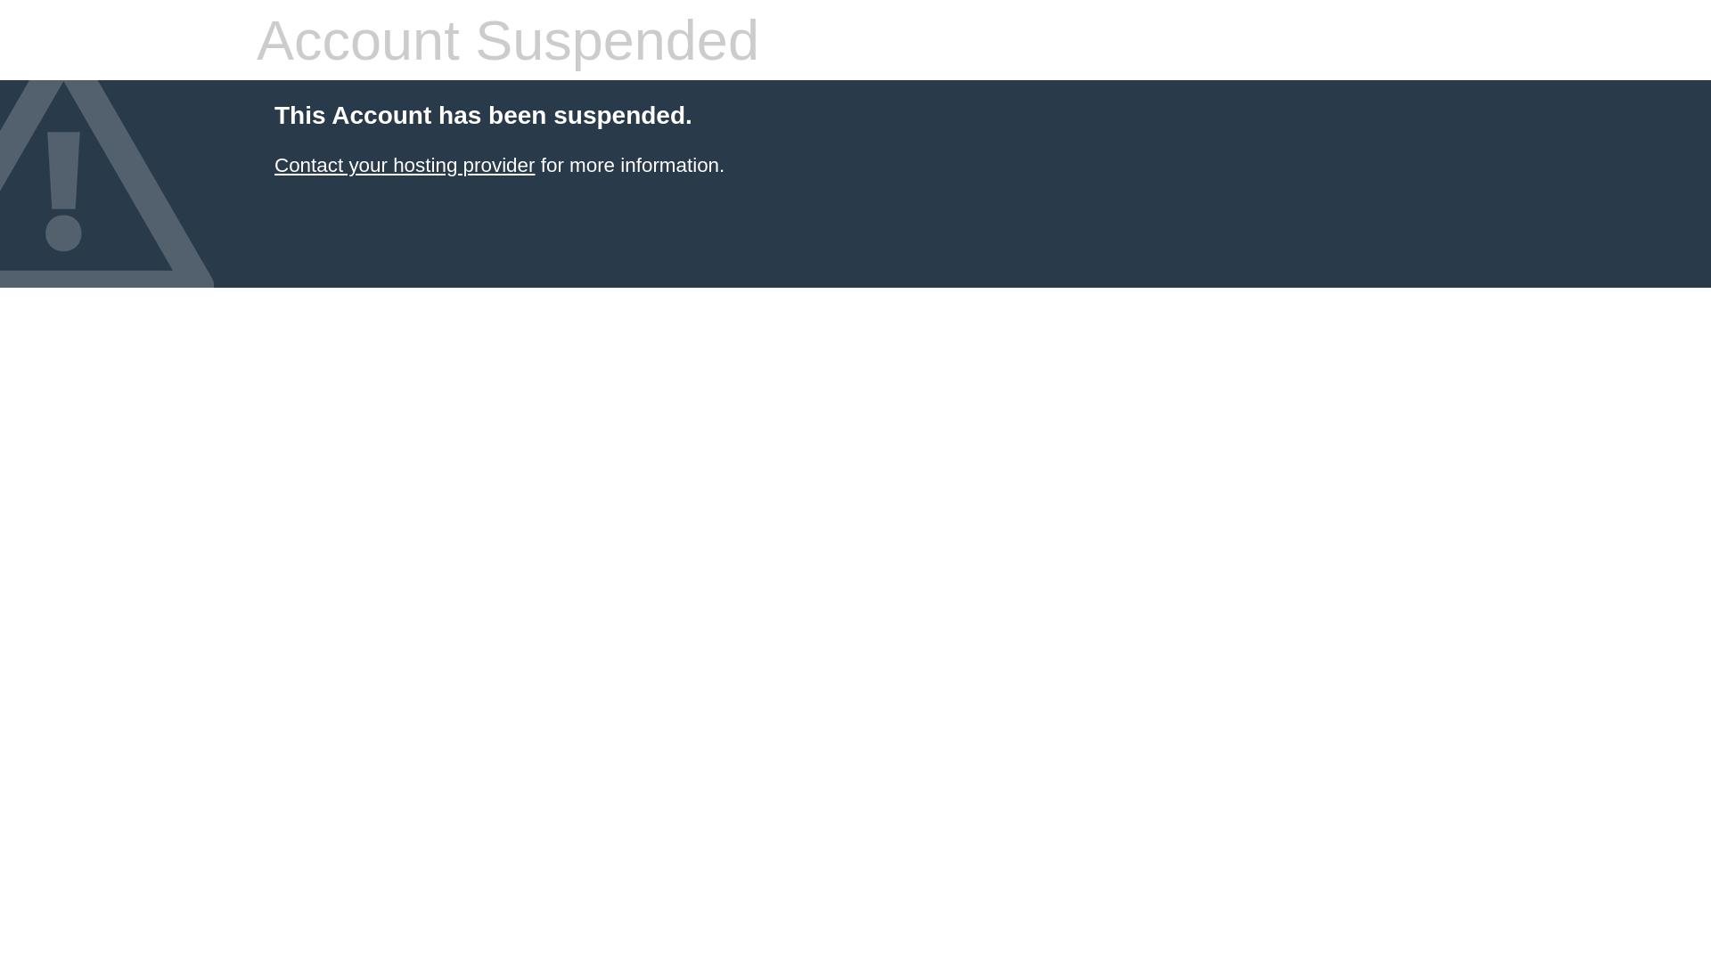 The image size is (1711, 962). Describe the element at coordinates (404, 165) in the screenshot. I see `'Contact your hosting provider'` at that location.